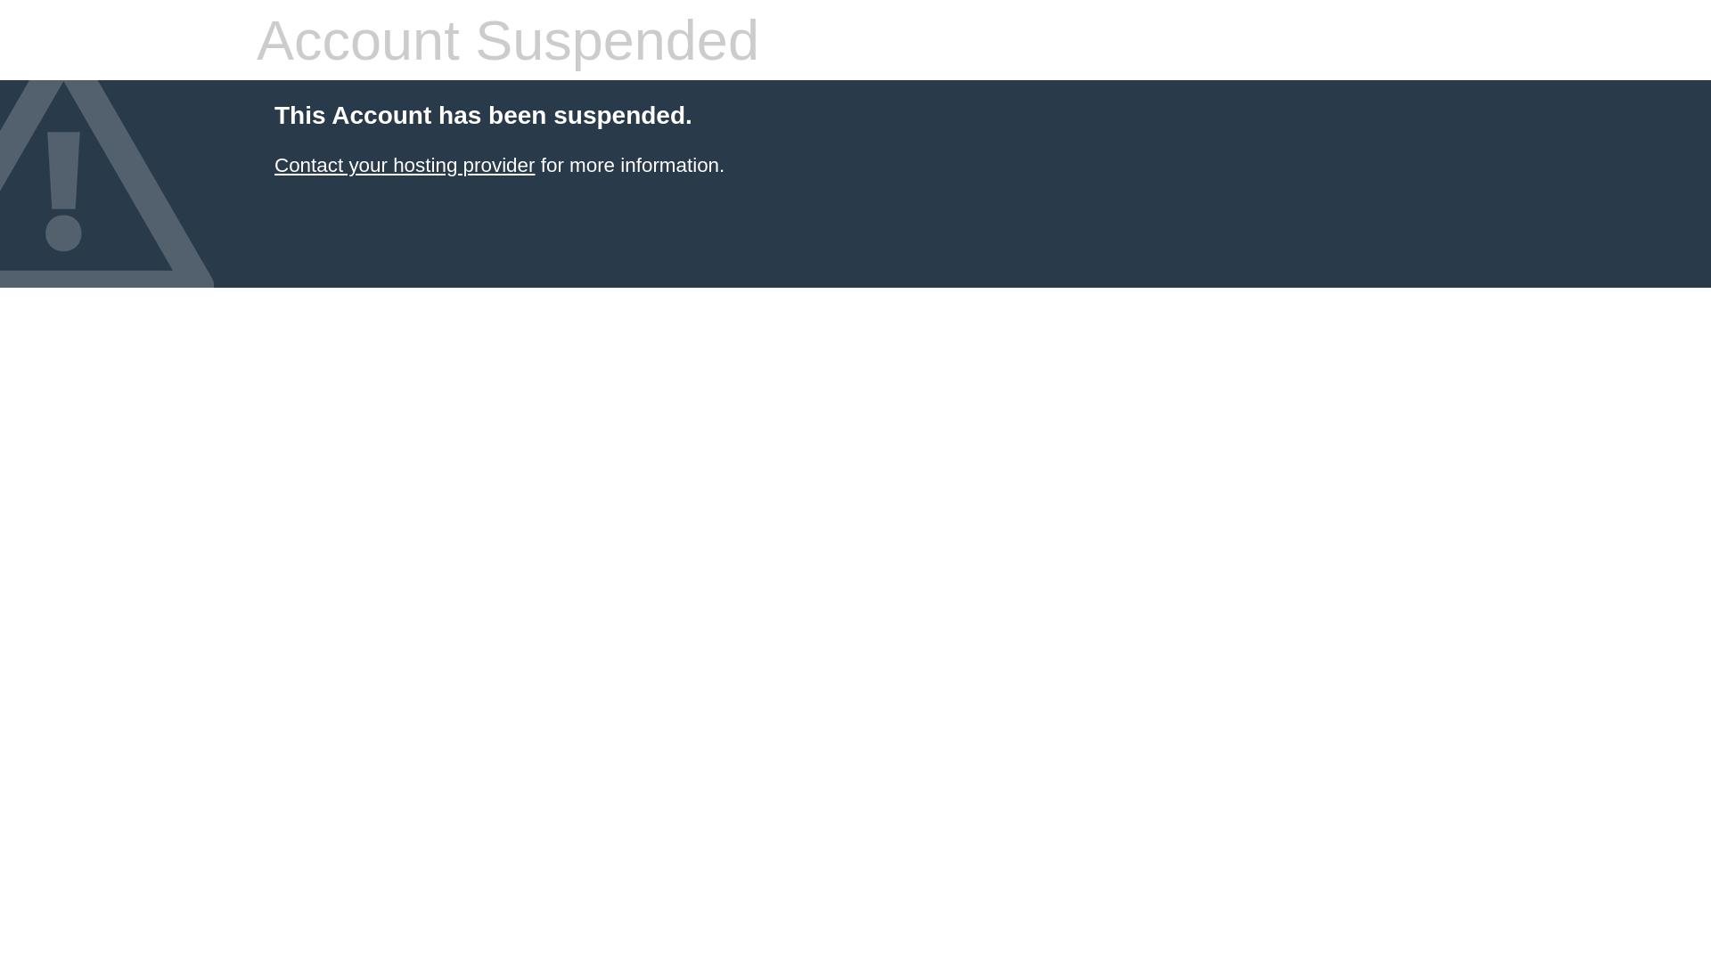 The image size is (1711, 962). Describe the element at coordinates (404, 165) in the screenshot. I see `'Contact your hosting provider'` at that location.